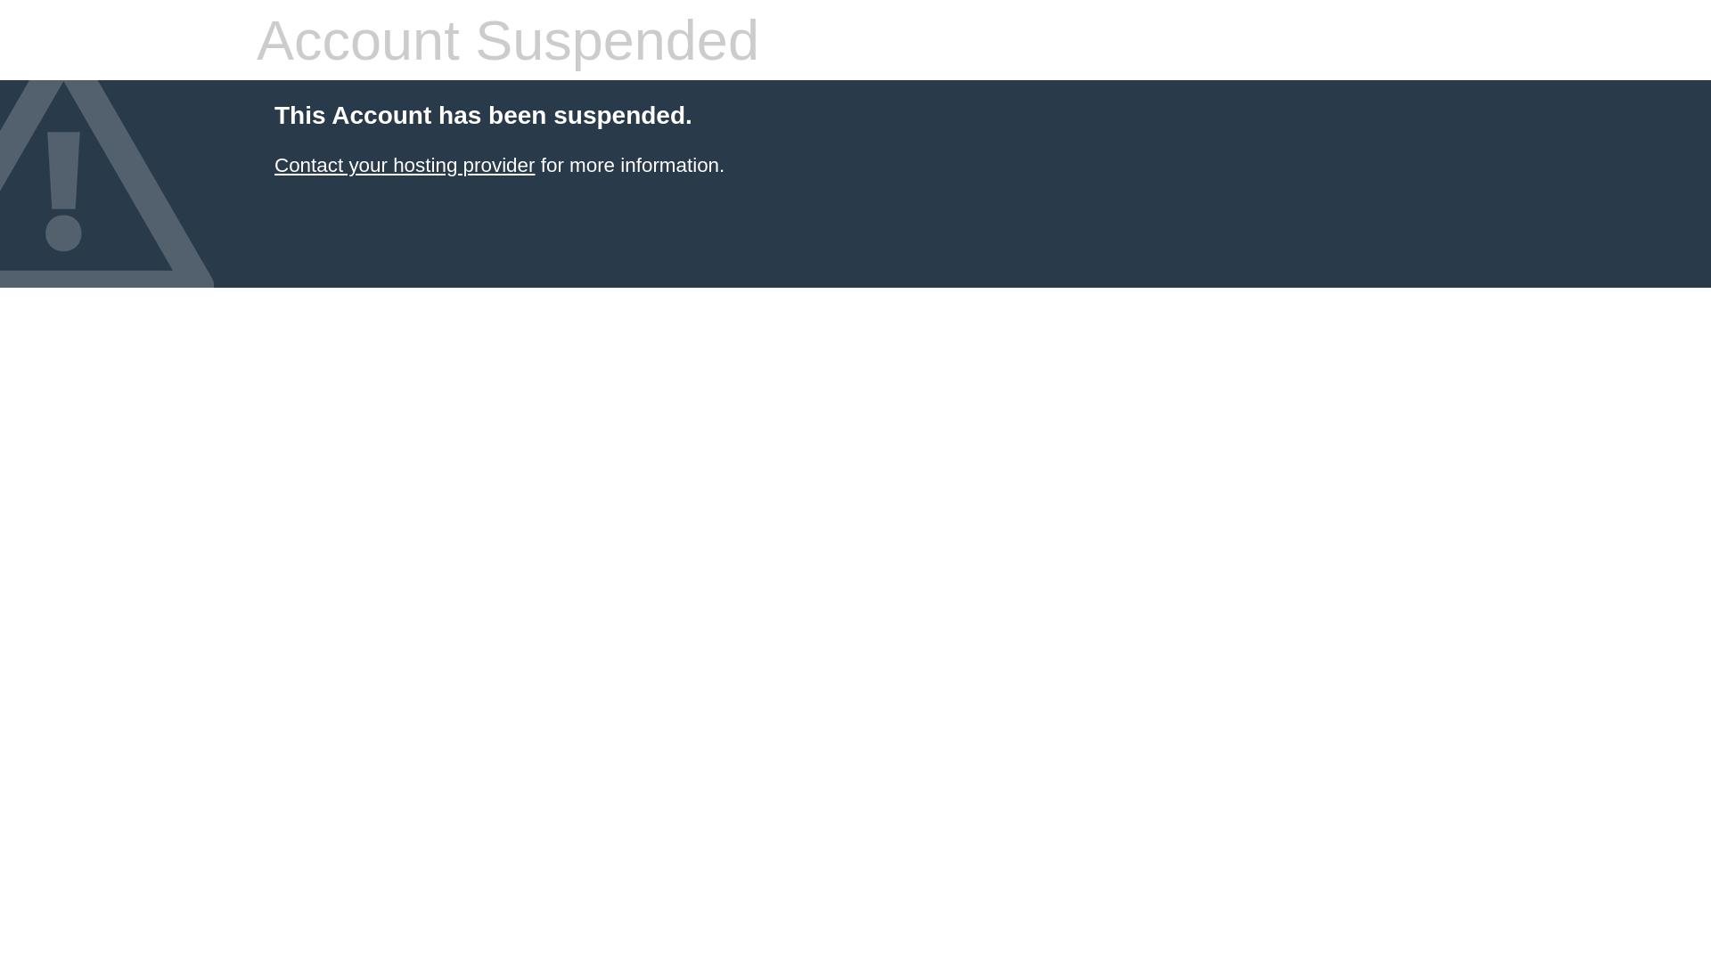 The image size is (1711, 962). Describe the element at coordinates (404, 165) in the screenshot. I see `'Contact your hosting provider'` at that location.